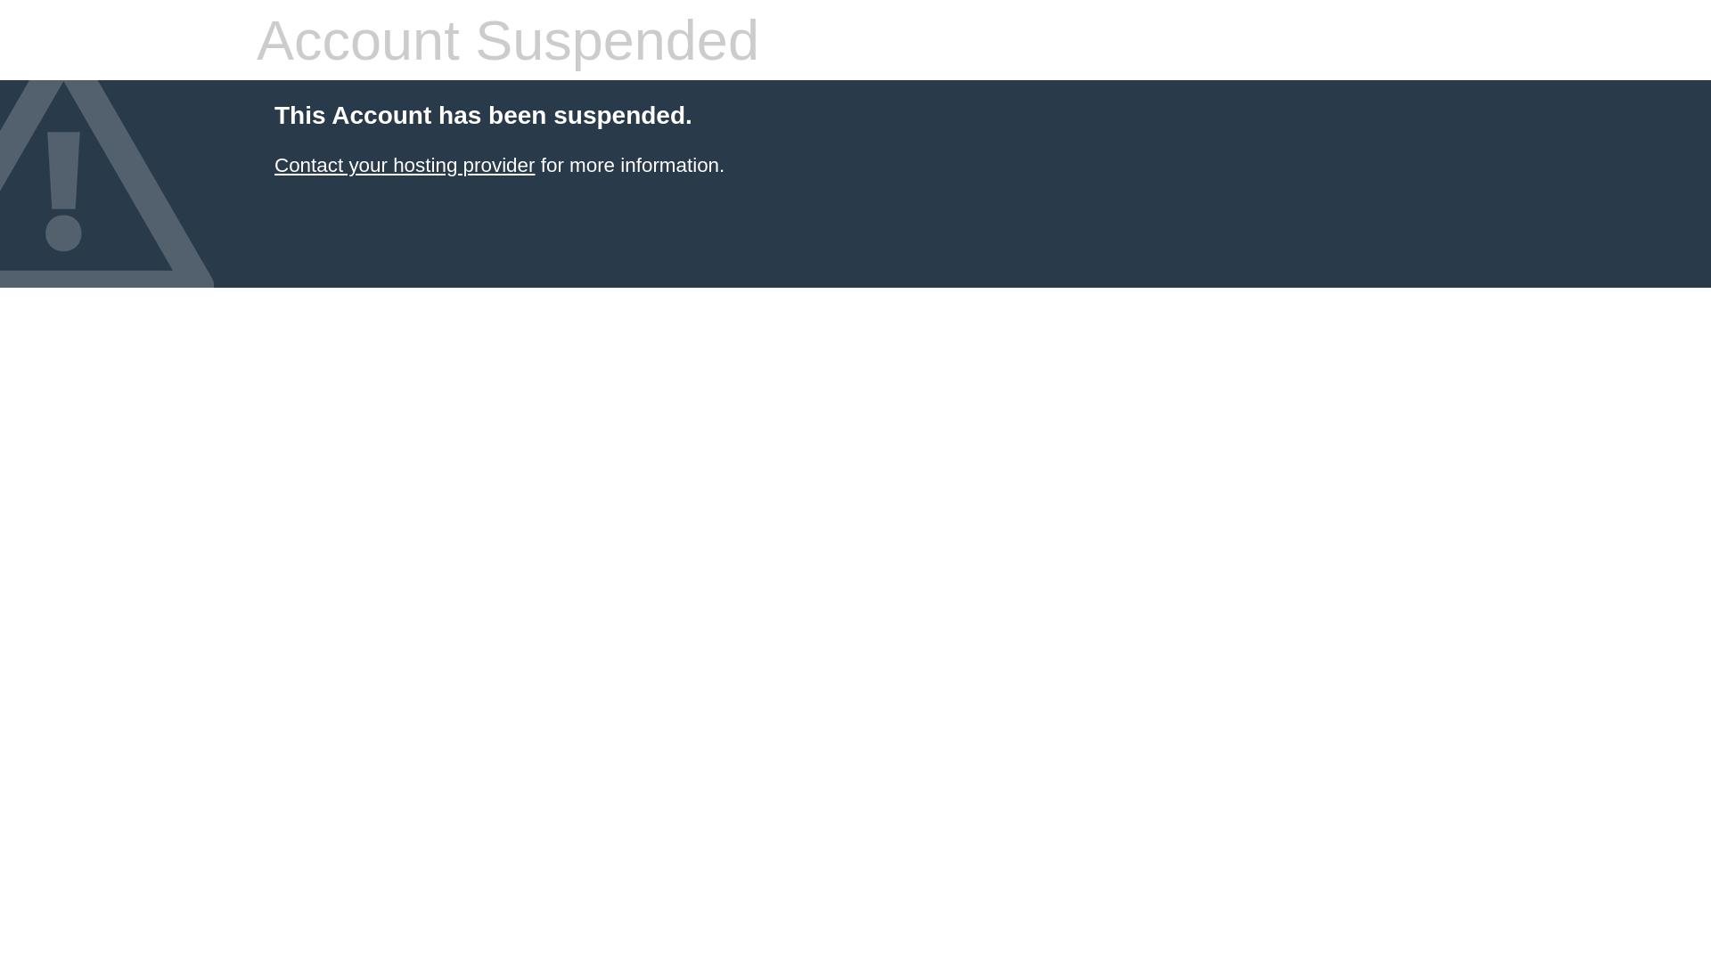 The image size is (1711, 962). Describe the element at coordinates (404, 165) in the screenshot. I see `'Contact your hosting provider'` at that location.